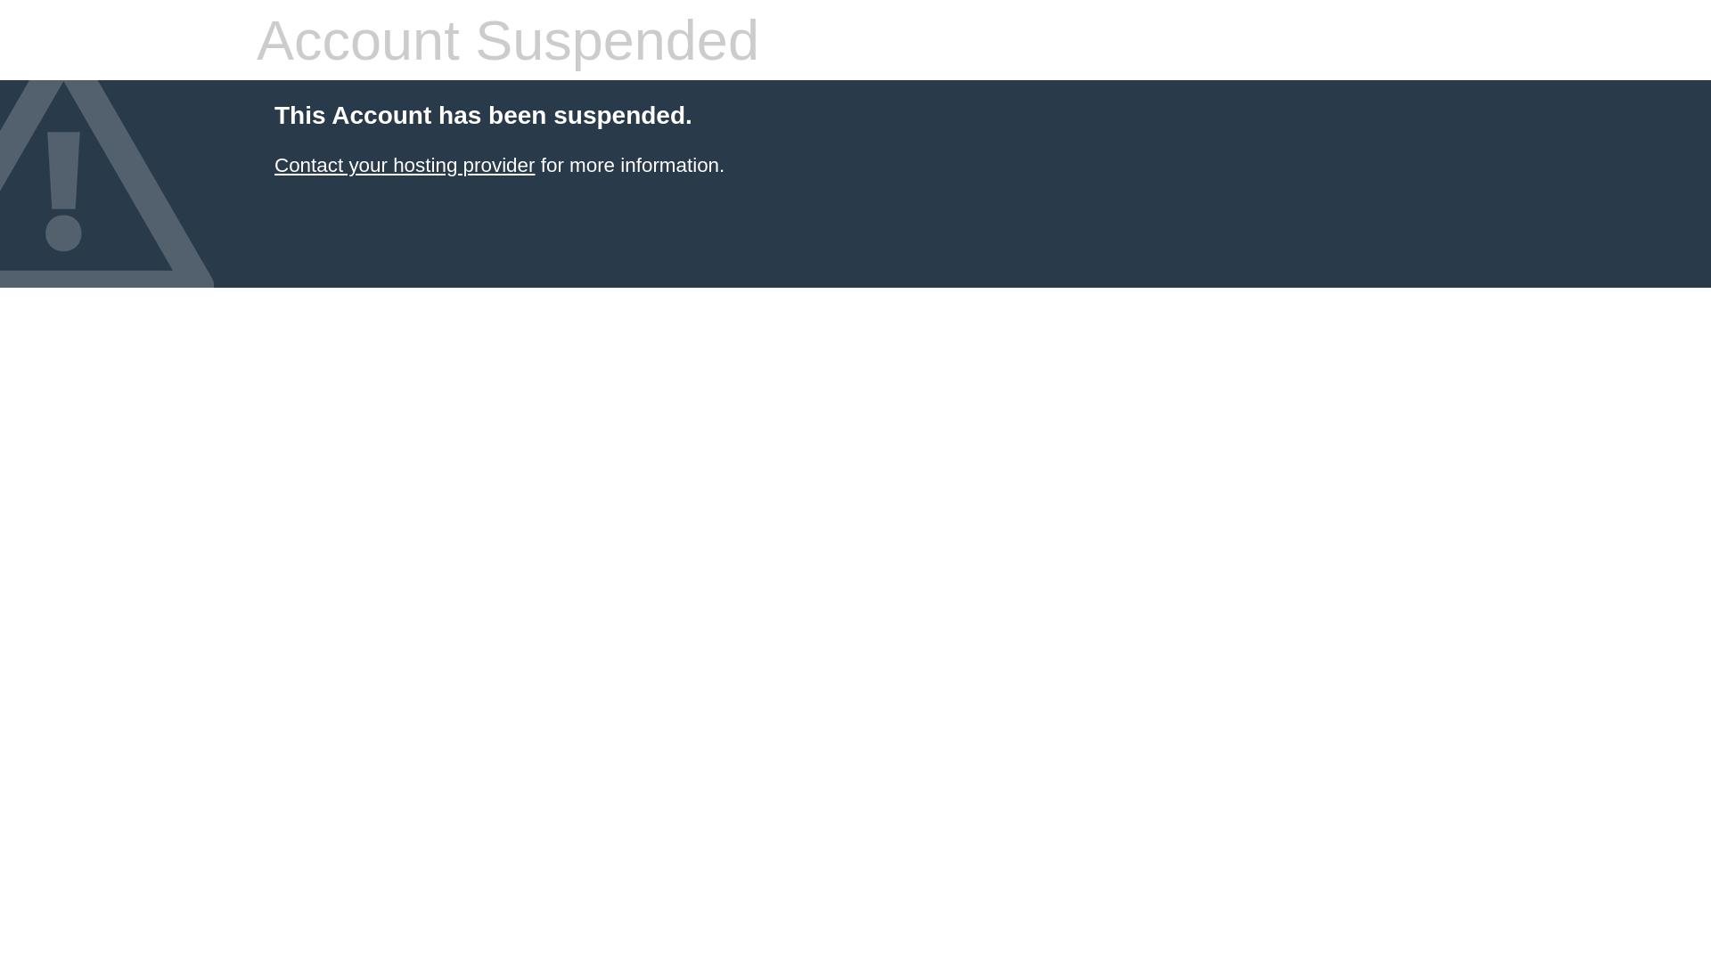 The image size is (1711, 962). Describe the element at coordinates (404, 165) in the screenshot. I see `'Contact your hosting provider'` at that location.